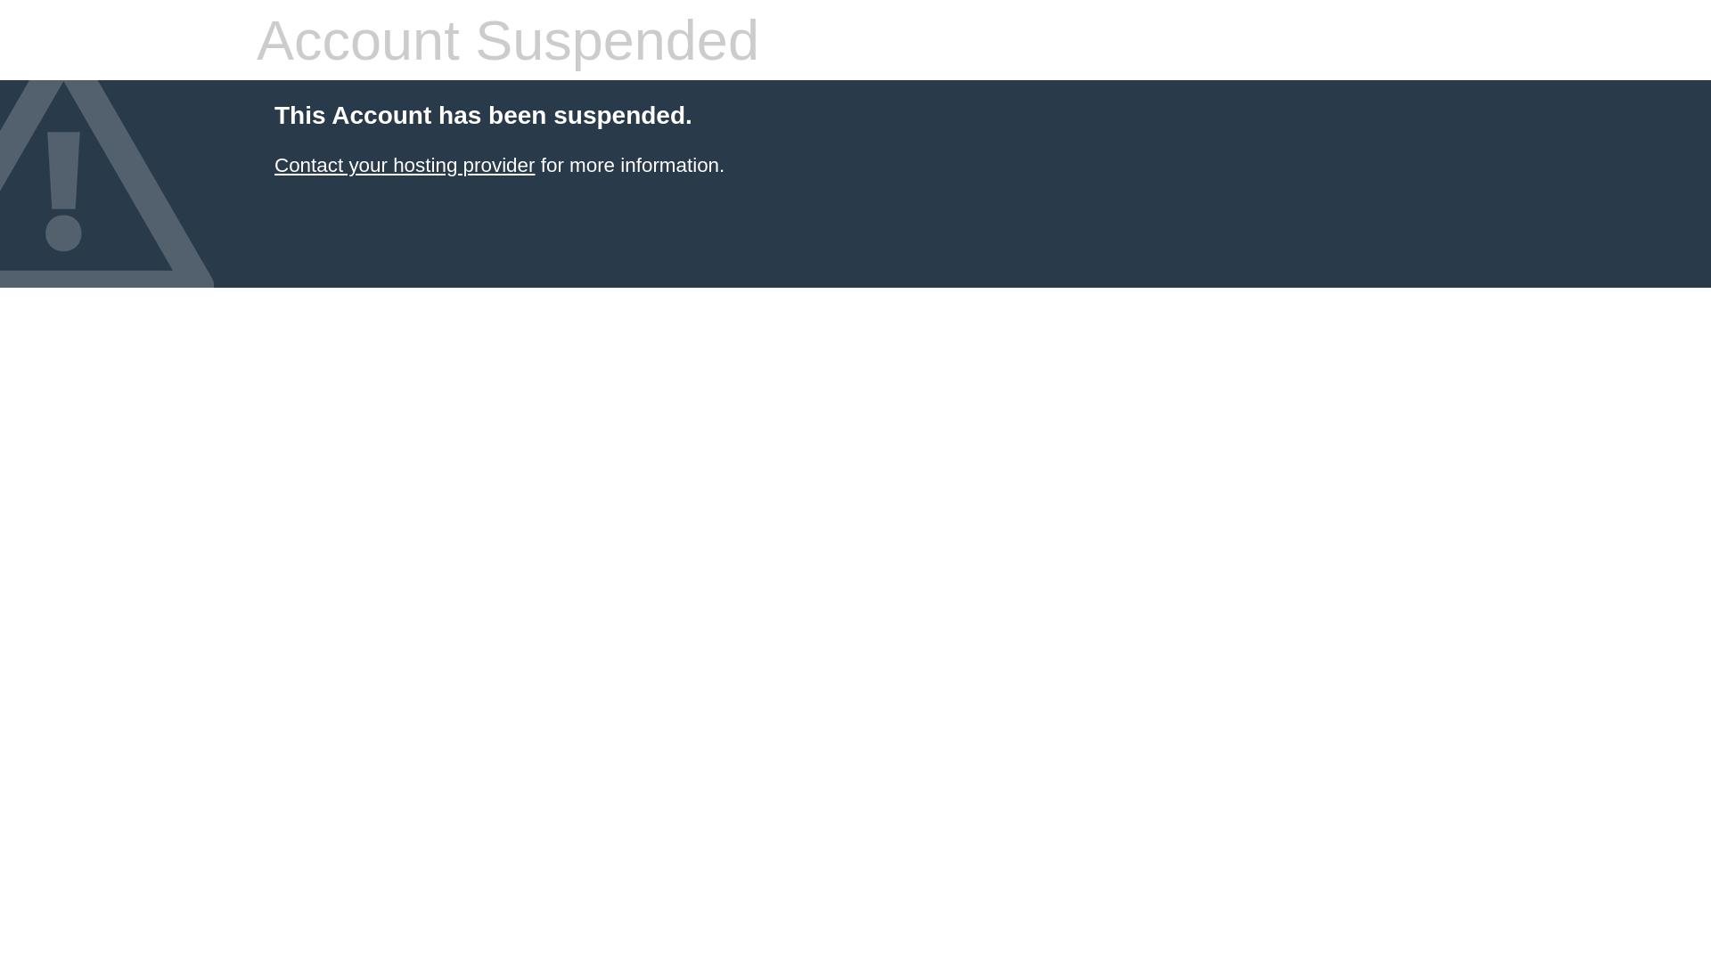 The image size is (1711, 962). Describe the element at coordinates (404, 165) in the screenshot. I see `'Contact your hosting provider'` at that location.